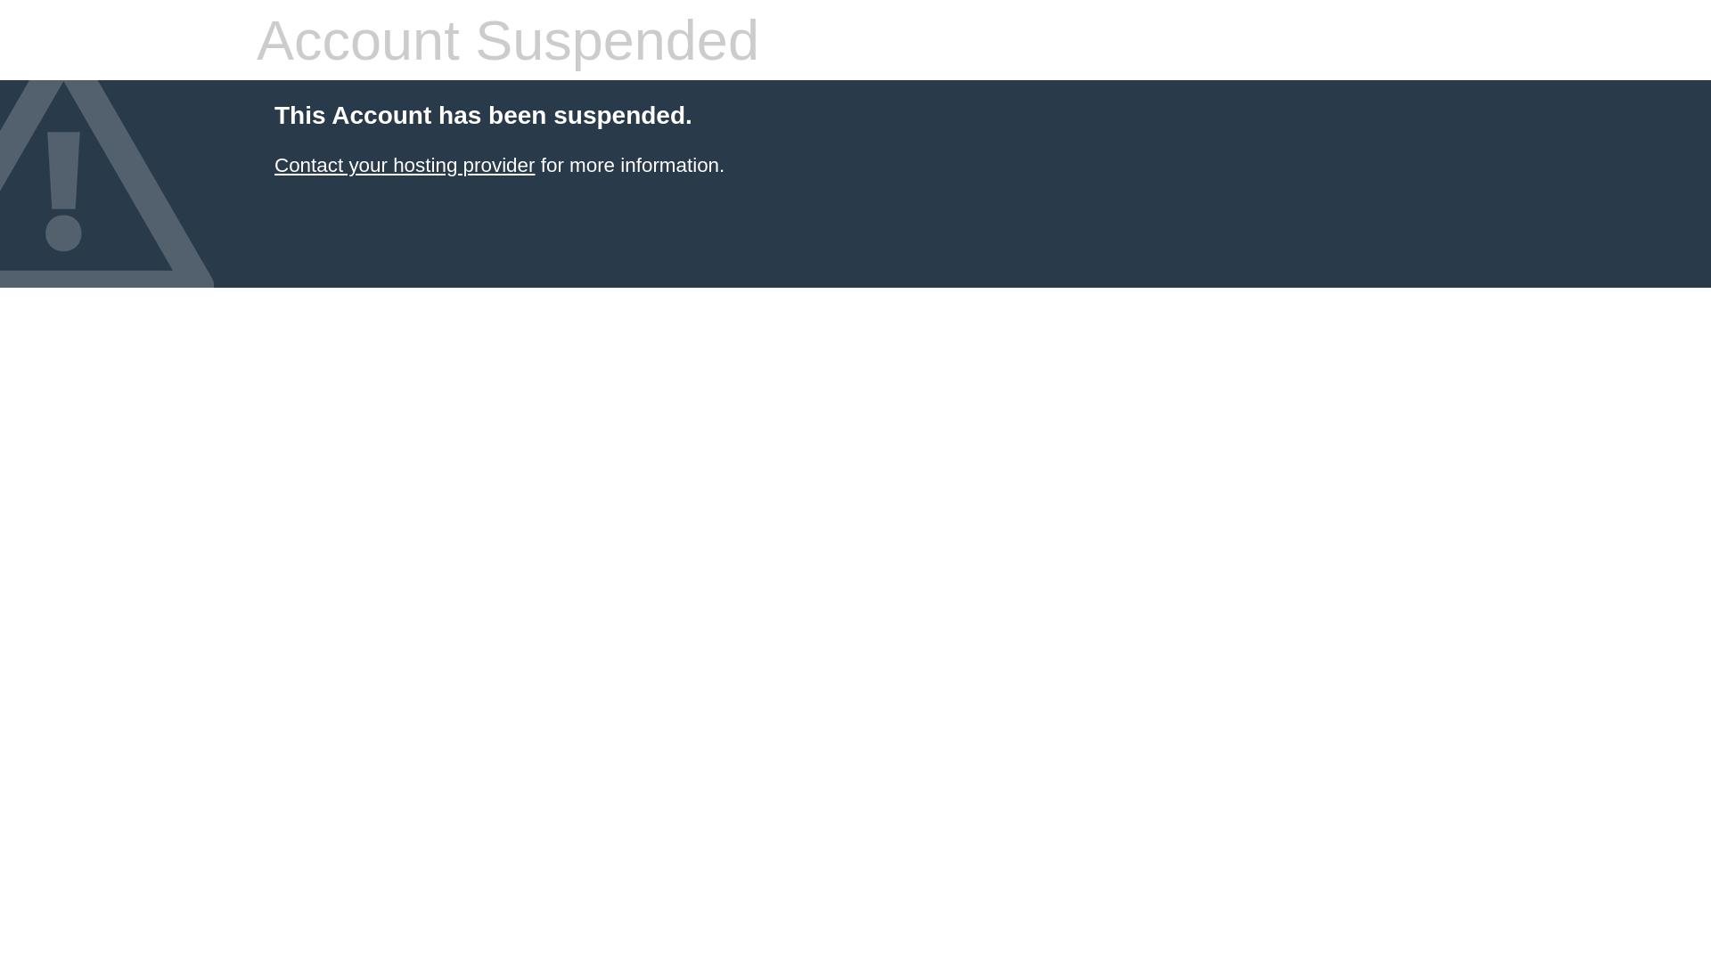 The image size is (1711, 962). Describe the element at coordinates (404, 165) in the screenshot. I see `'Contact your hosting provider'` at that location.